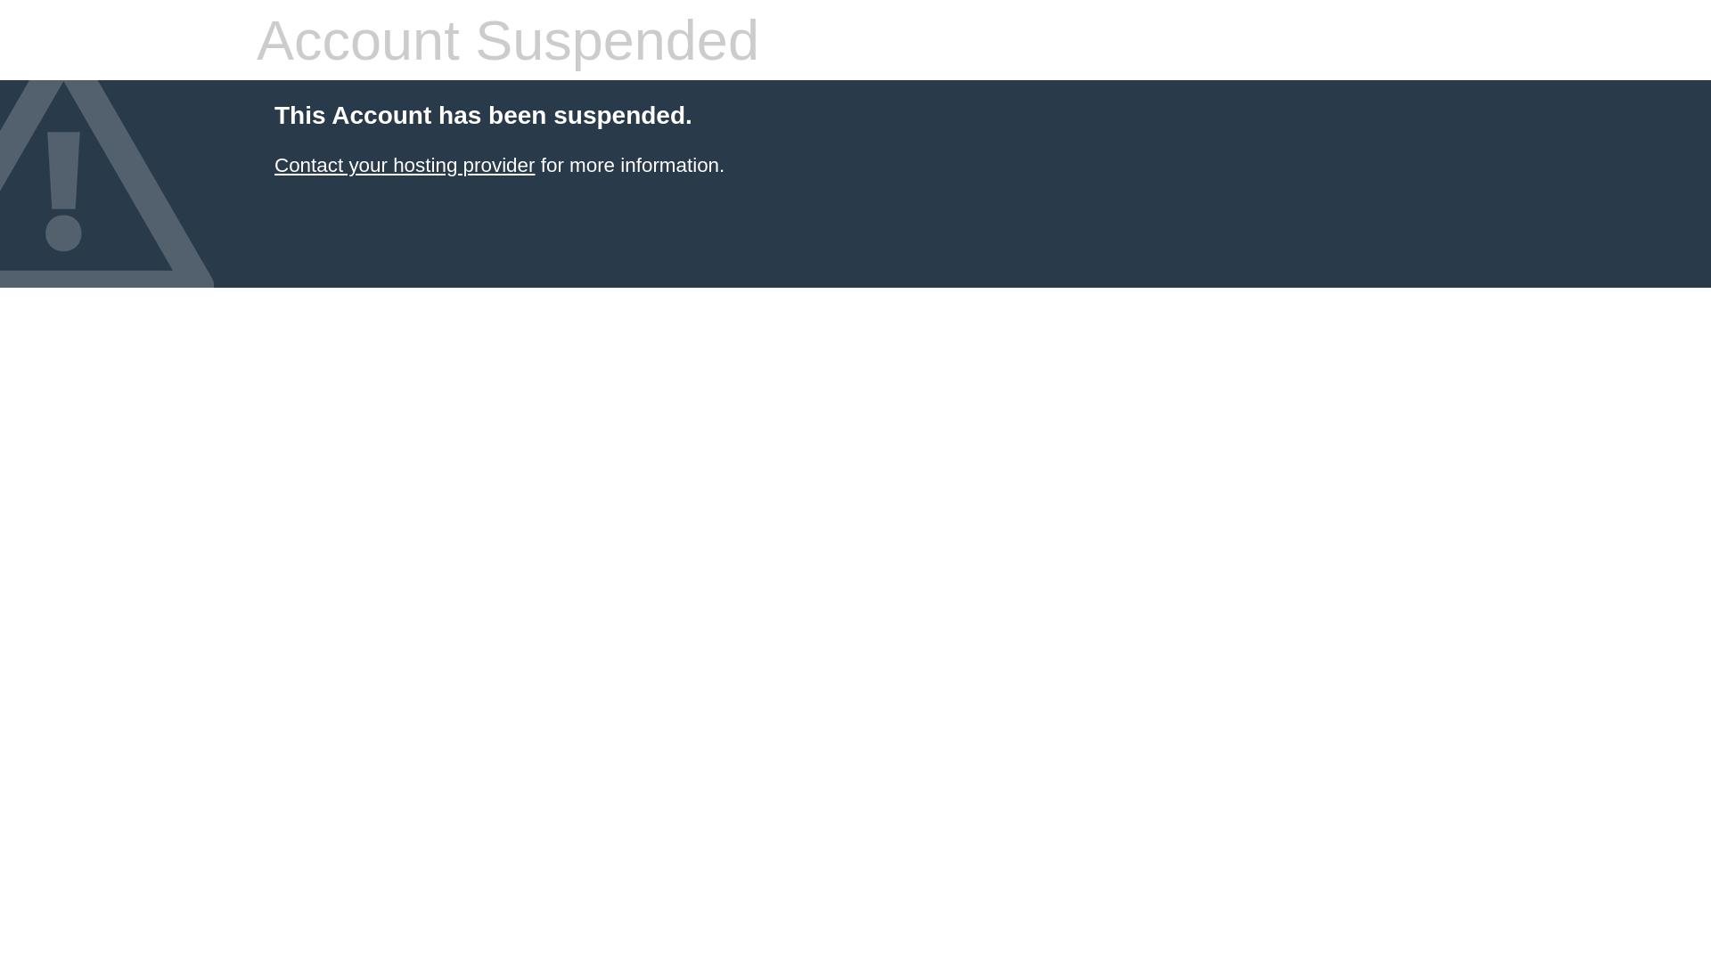 The image size is (1711, 962). Describe the element at coordinates (404, 165) in the screenshot. I see `'Contact your hosting provider'` at that location.